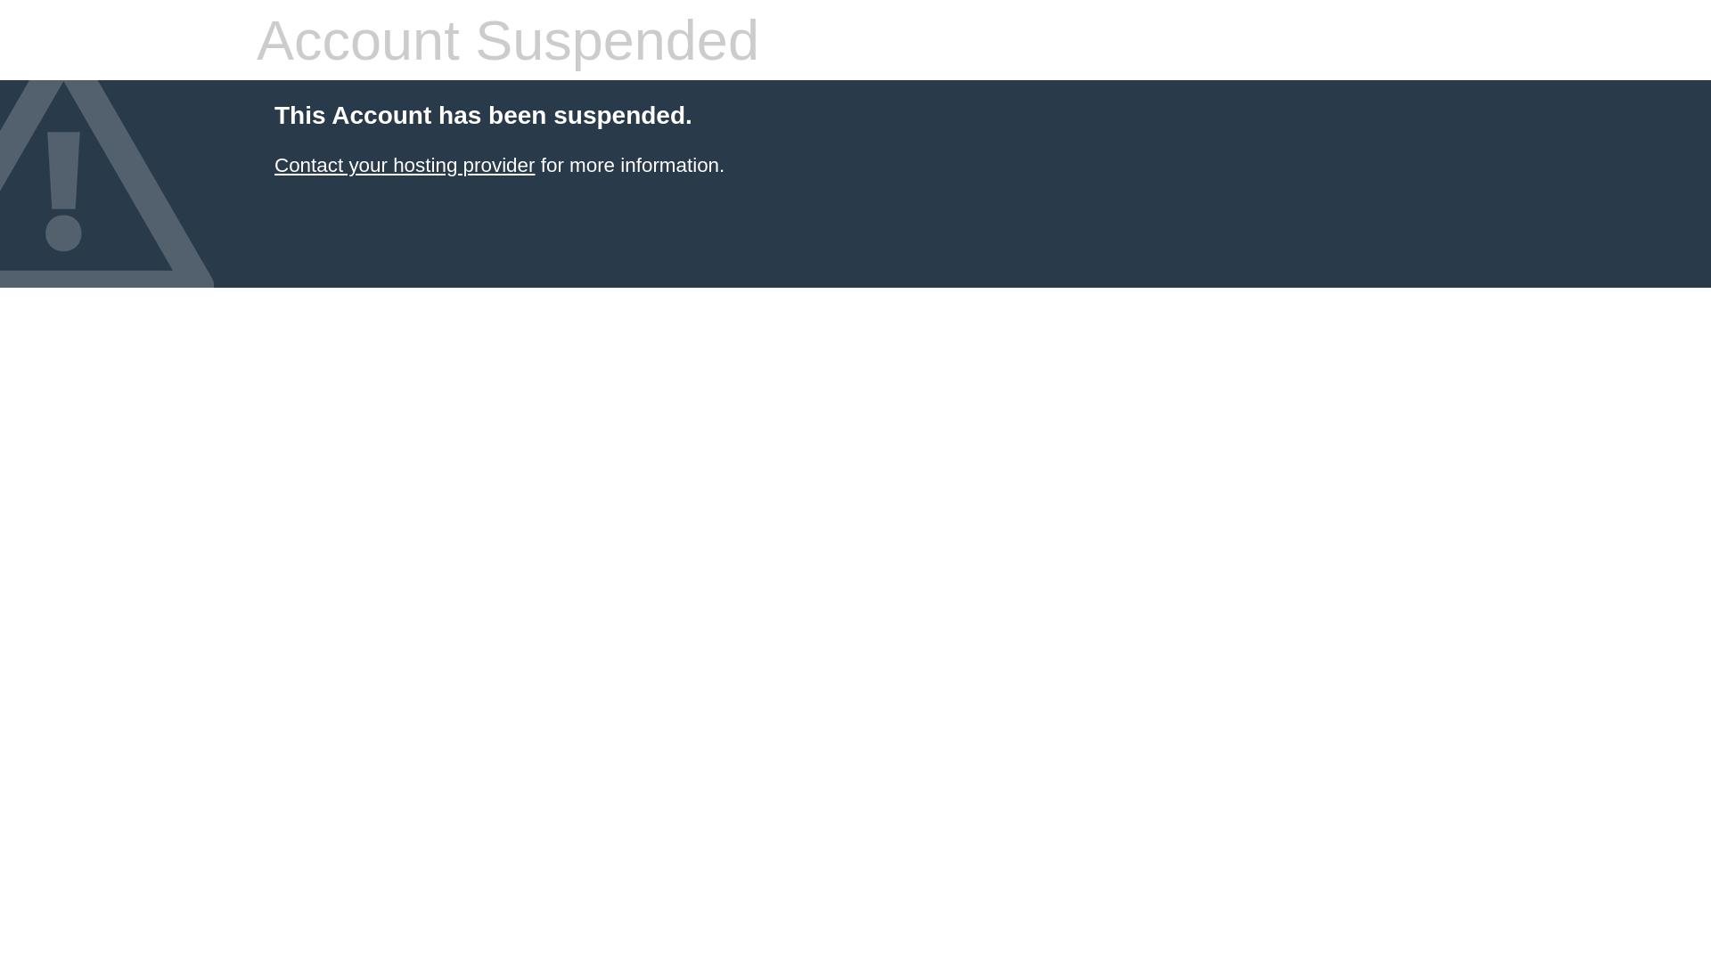 The image size is (1711, 962). Describe the element at coordinates (404, 165) in the screenshot. I see `'Contact your hosting provider'` at that location.